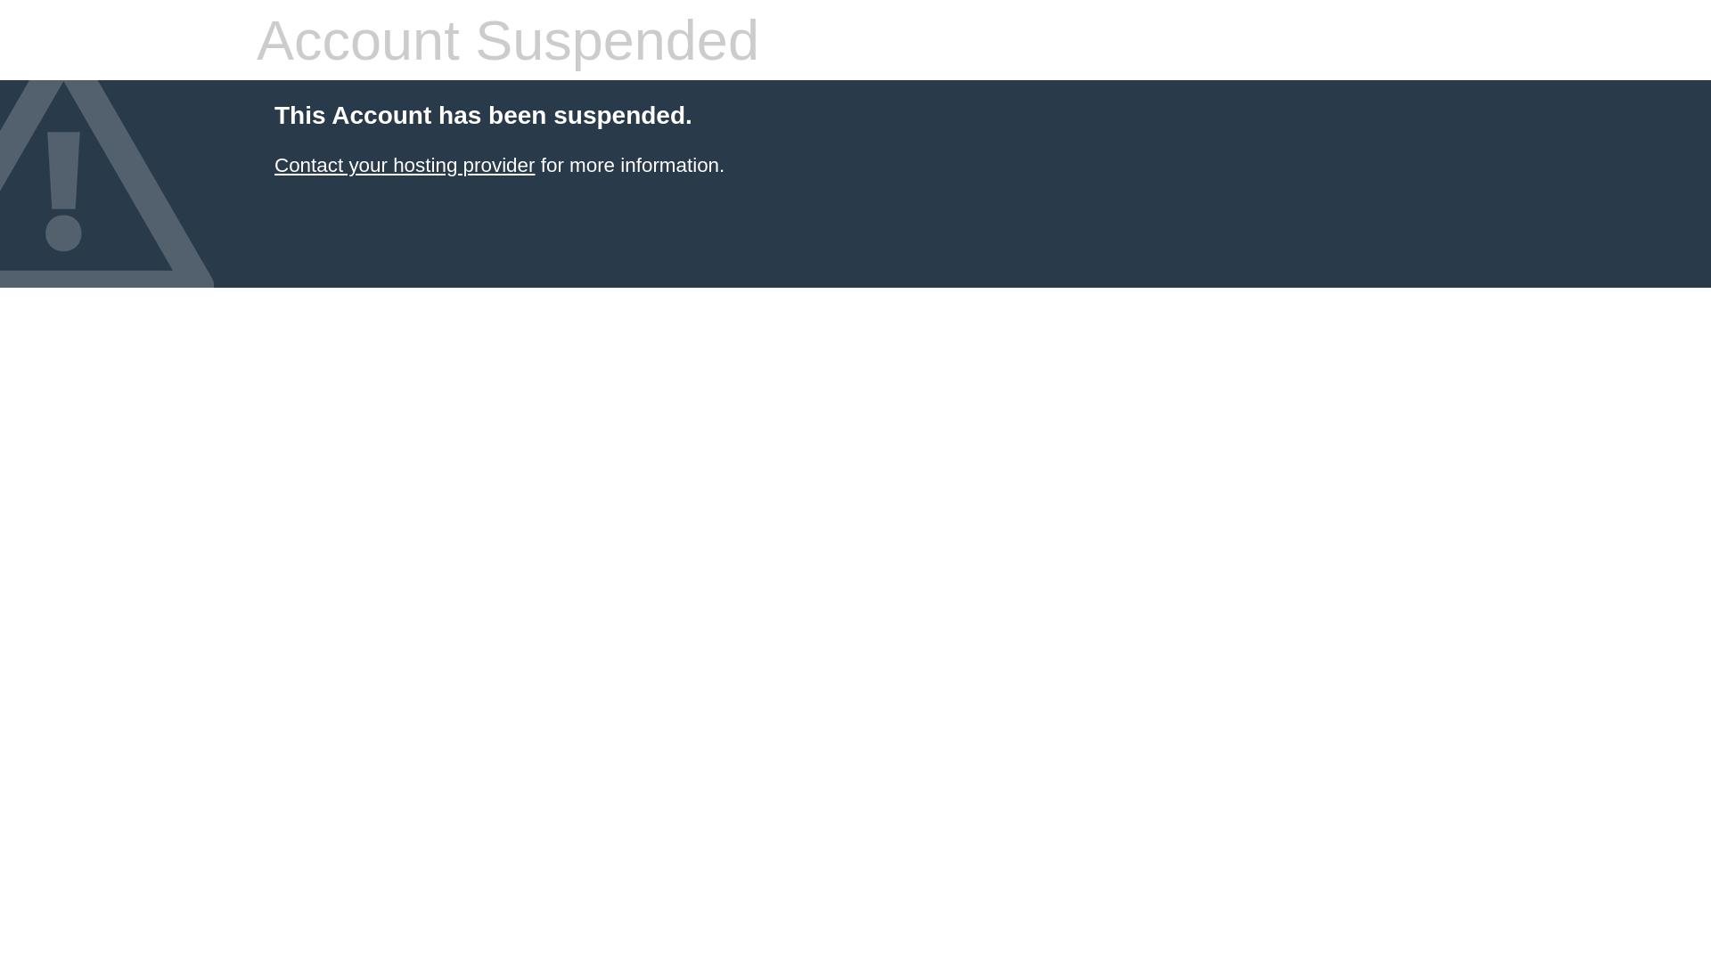 The image size is (1711, 962). Describe the element at coordinates (404, 165) in the screenshot. I see `'Contact your hosting provider'` at that location.